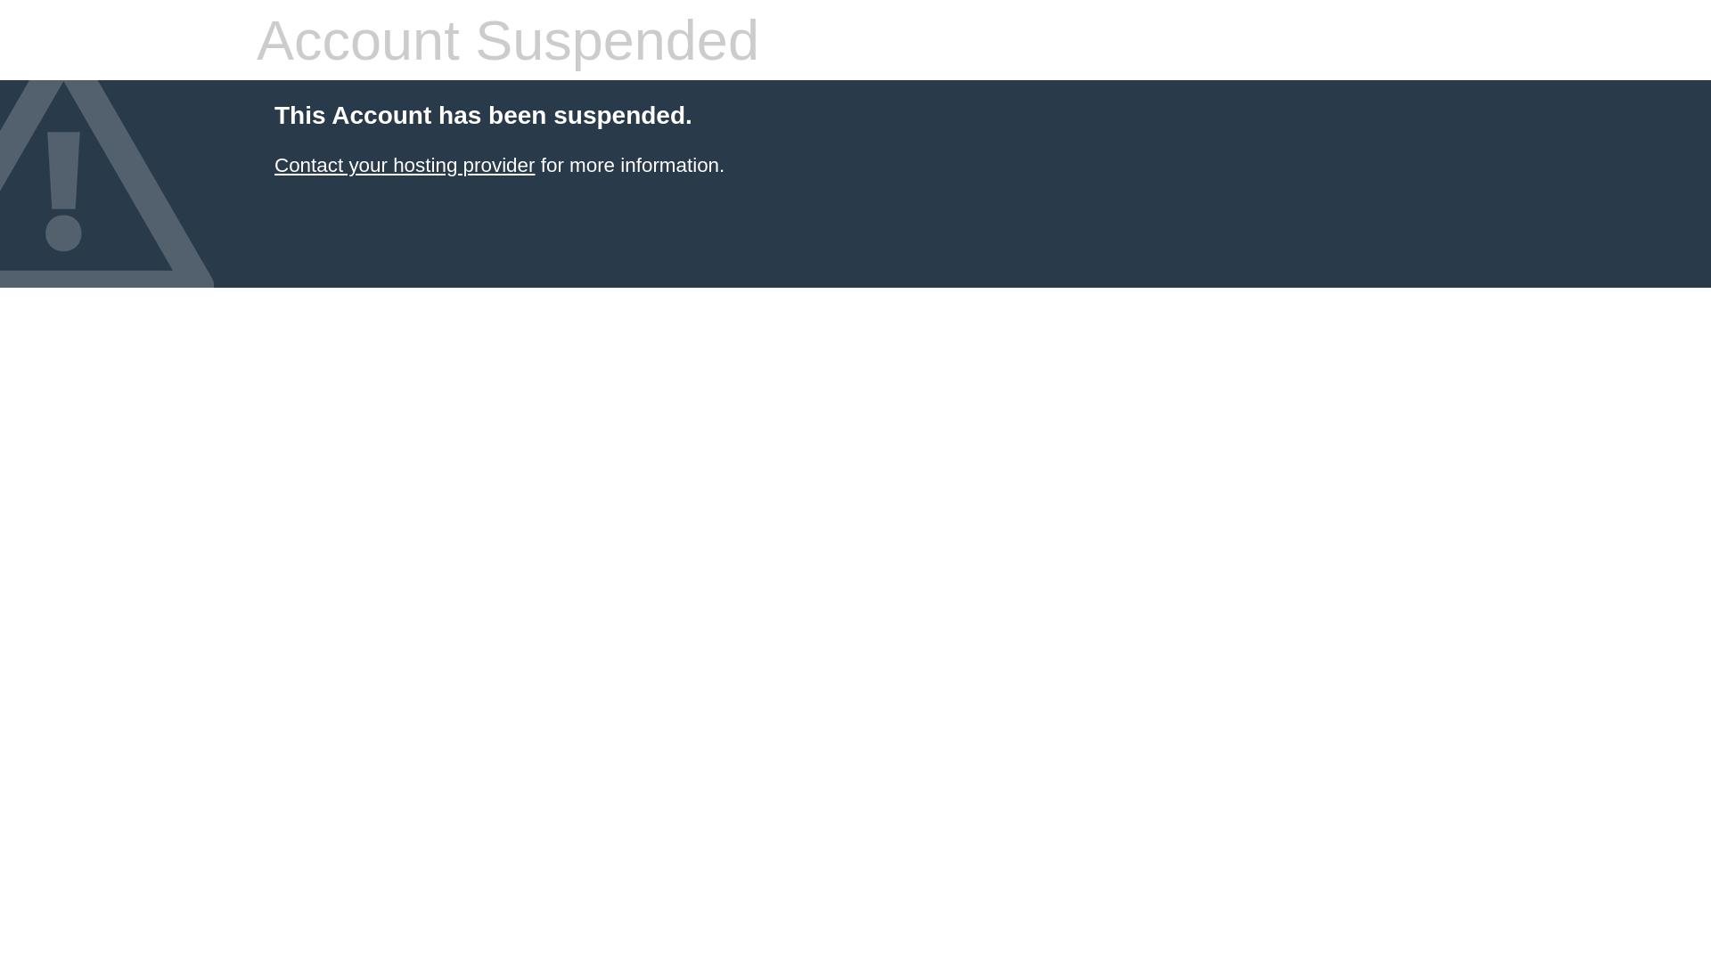 The image size is (1711, 962). Describe the element at coordinates (404, 165) in the screenshot. I see `'Contact your hosting provider'` at that location.